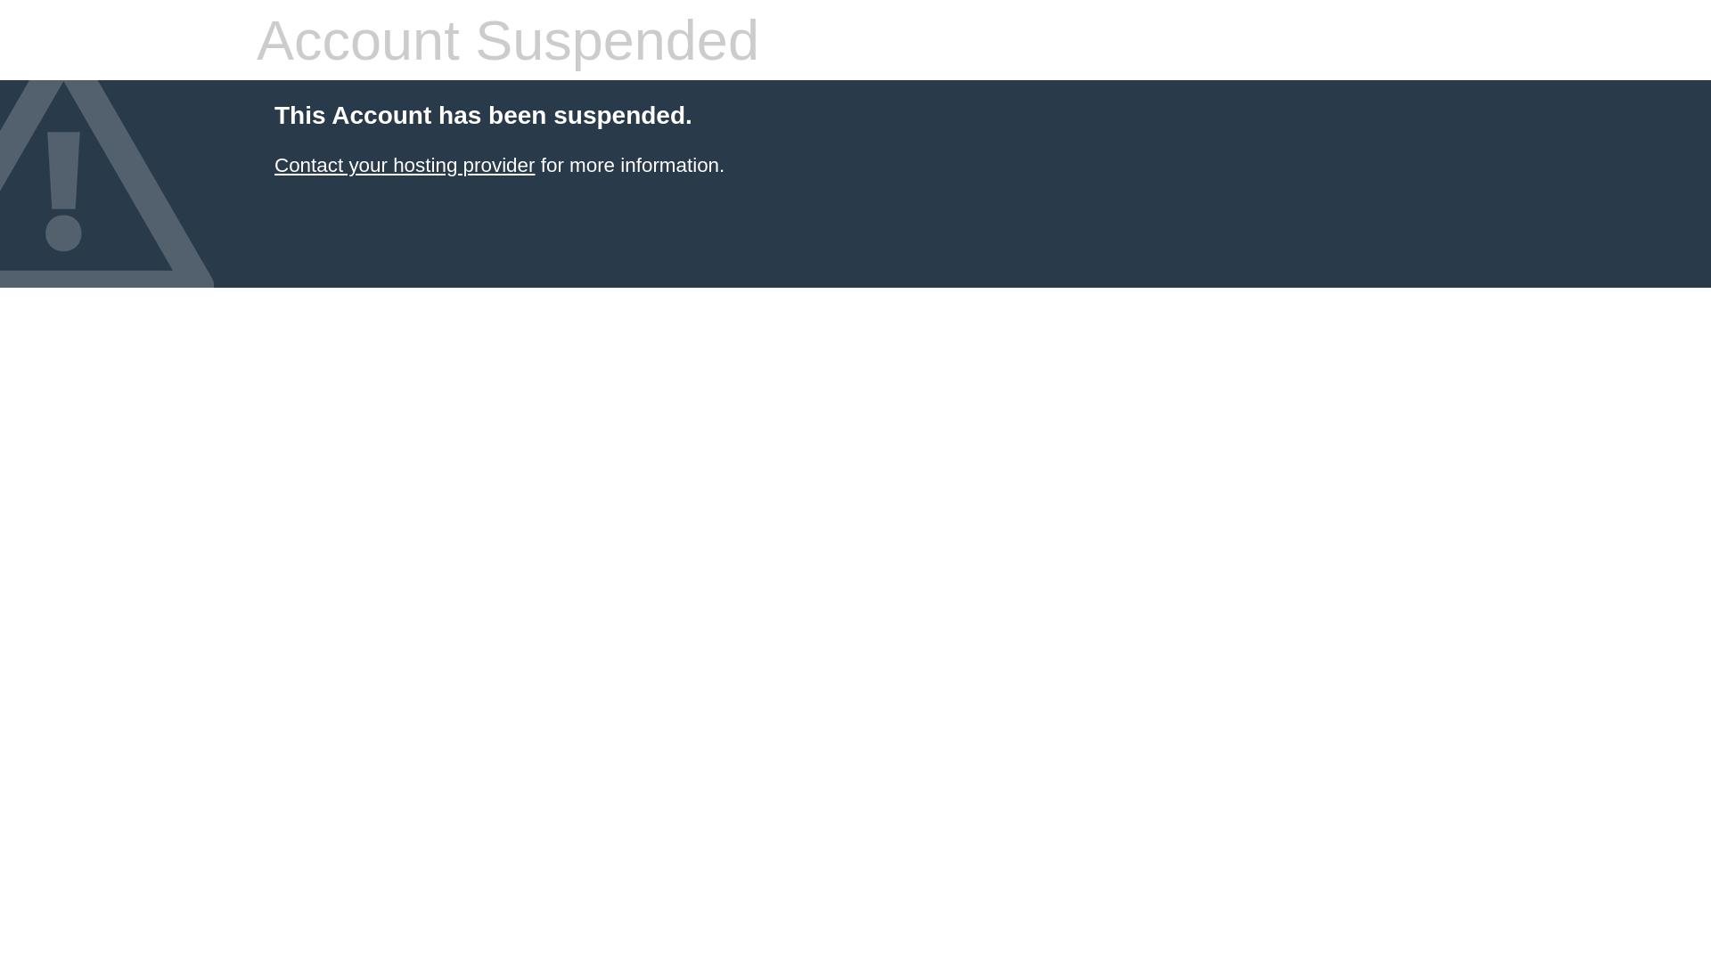 The image size is (1711, 962). Describe the element at coordinates (404, 165) in the screenshot. I see `'Contact your hosting provider'` at that location.